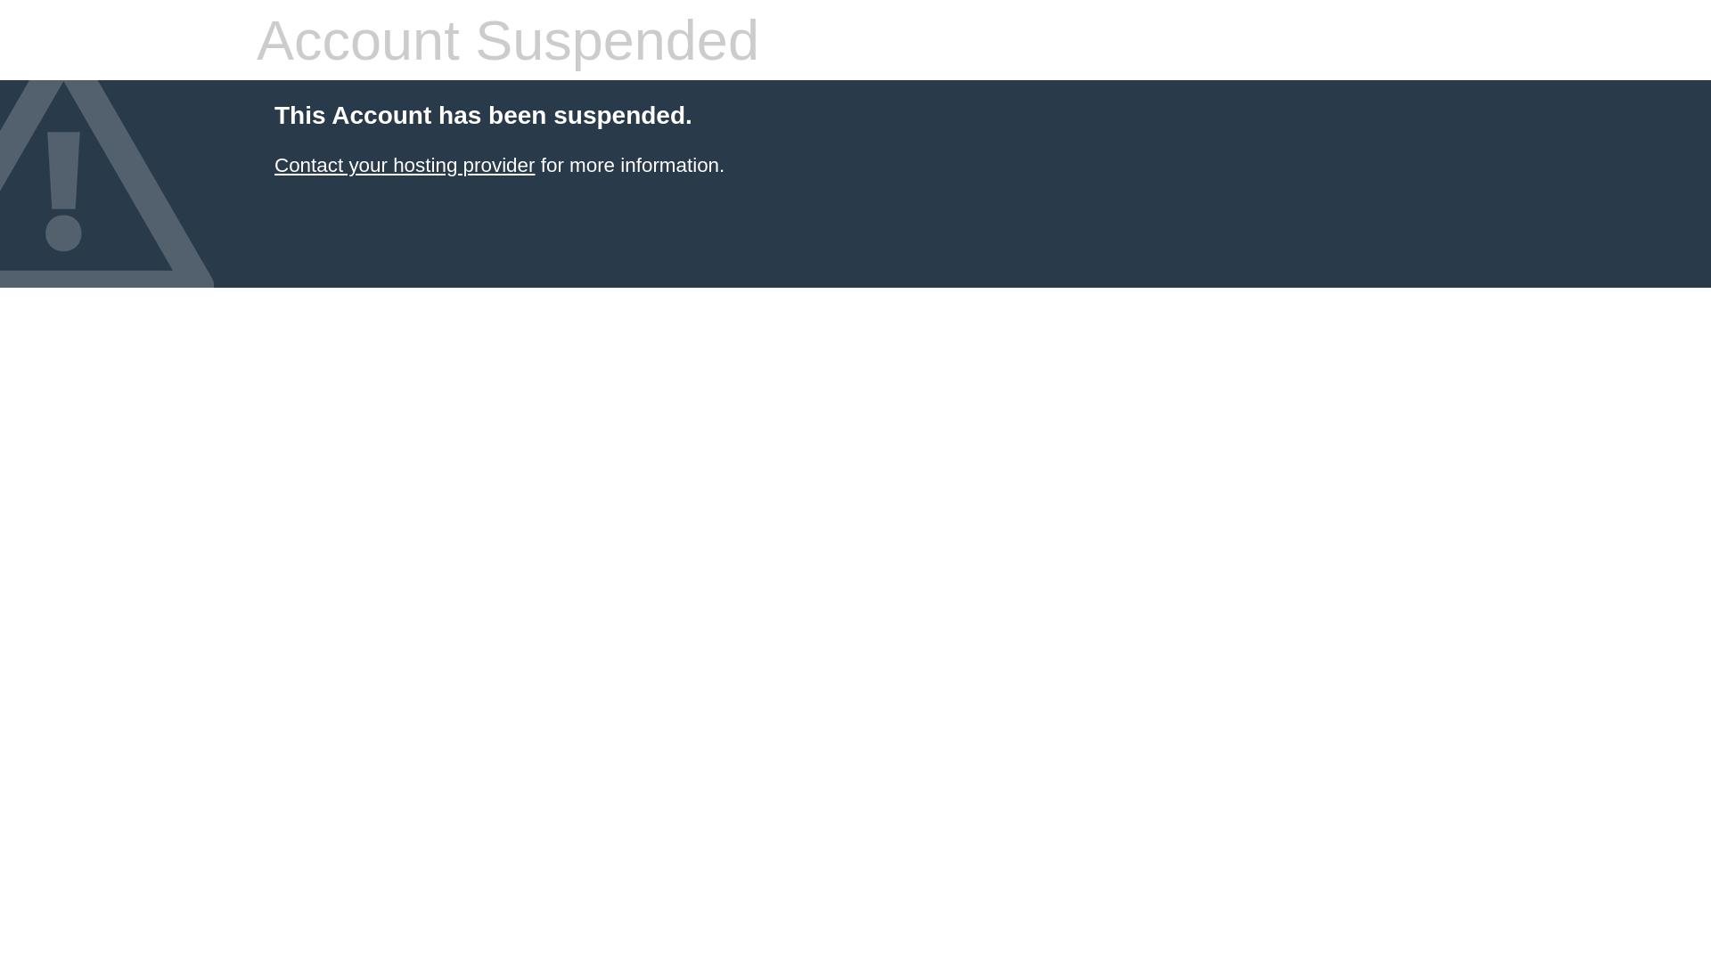 The image size is (1711, 962). Describe the element at coordinates (404, 165) in the screenshot. I see `'Contact your hosting provider'` at that location.